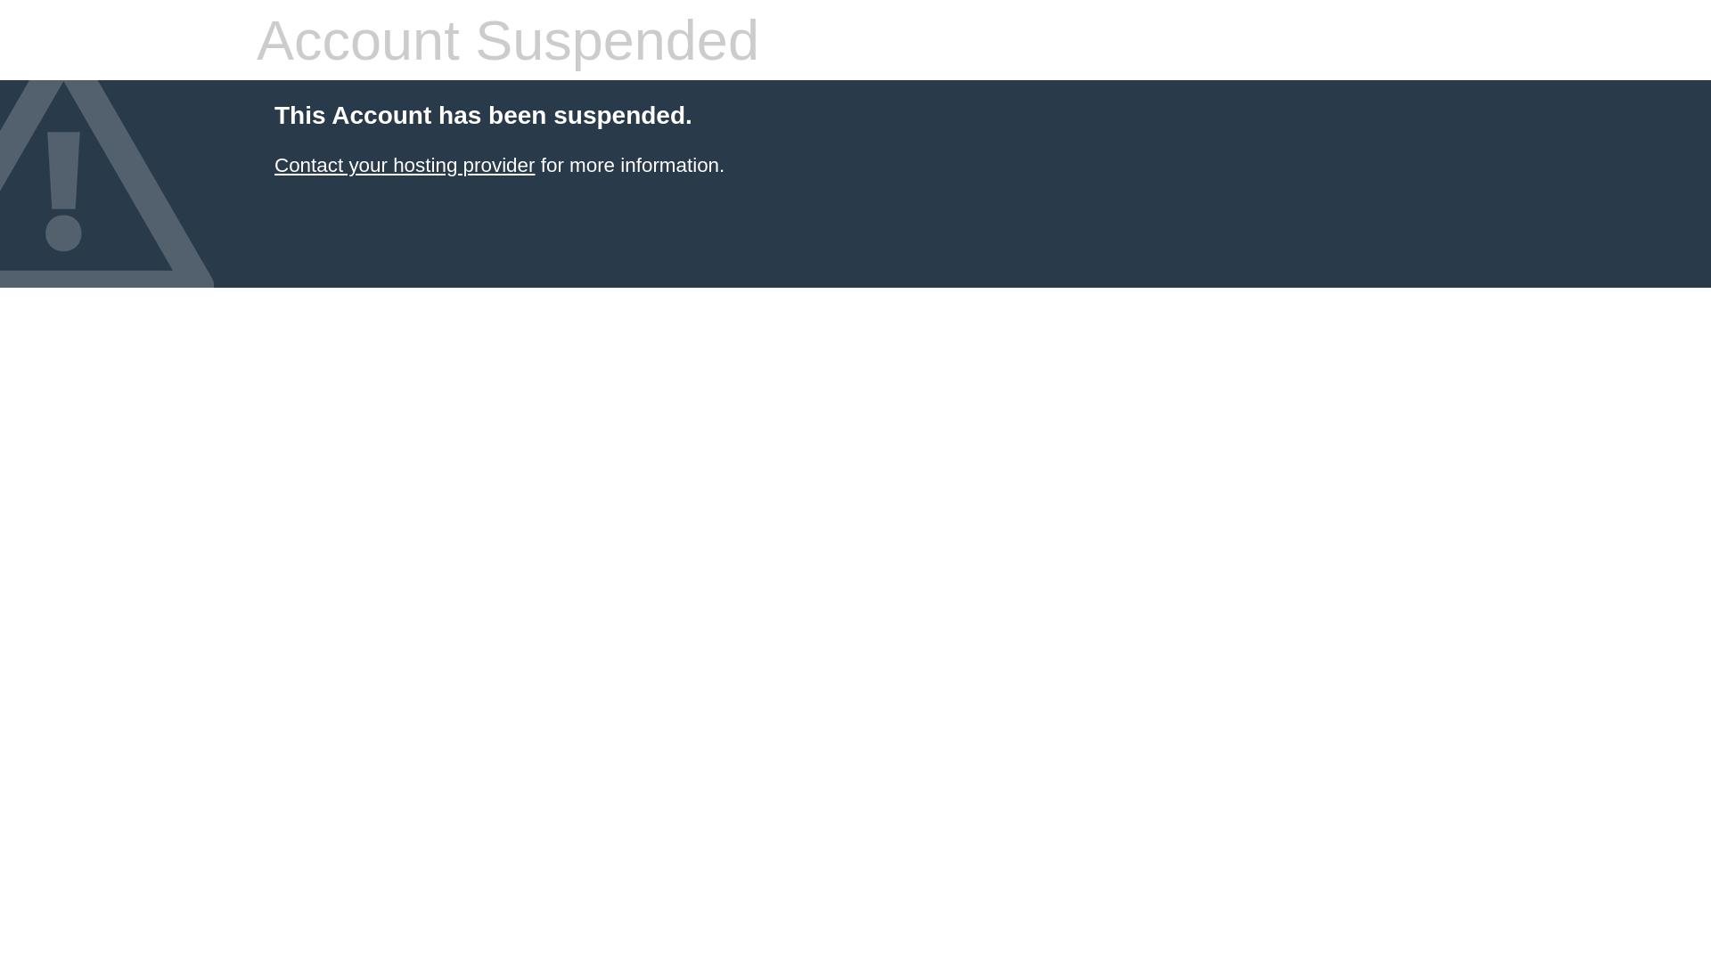 The image size is (1711, 962). Describe the element at coordinates (404, 165) in the screenshot. I see `'Contact your hosting provider'` at that location.